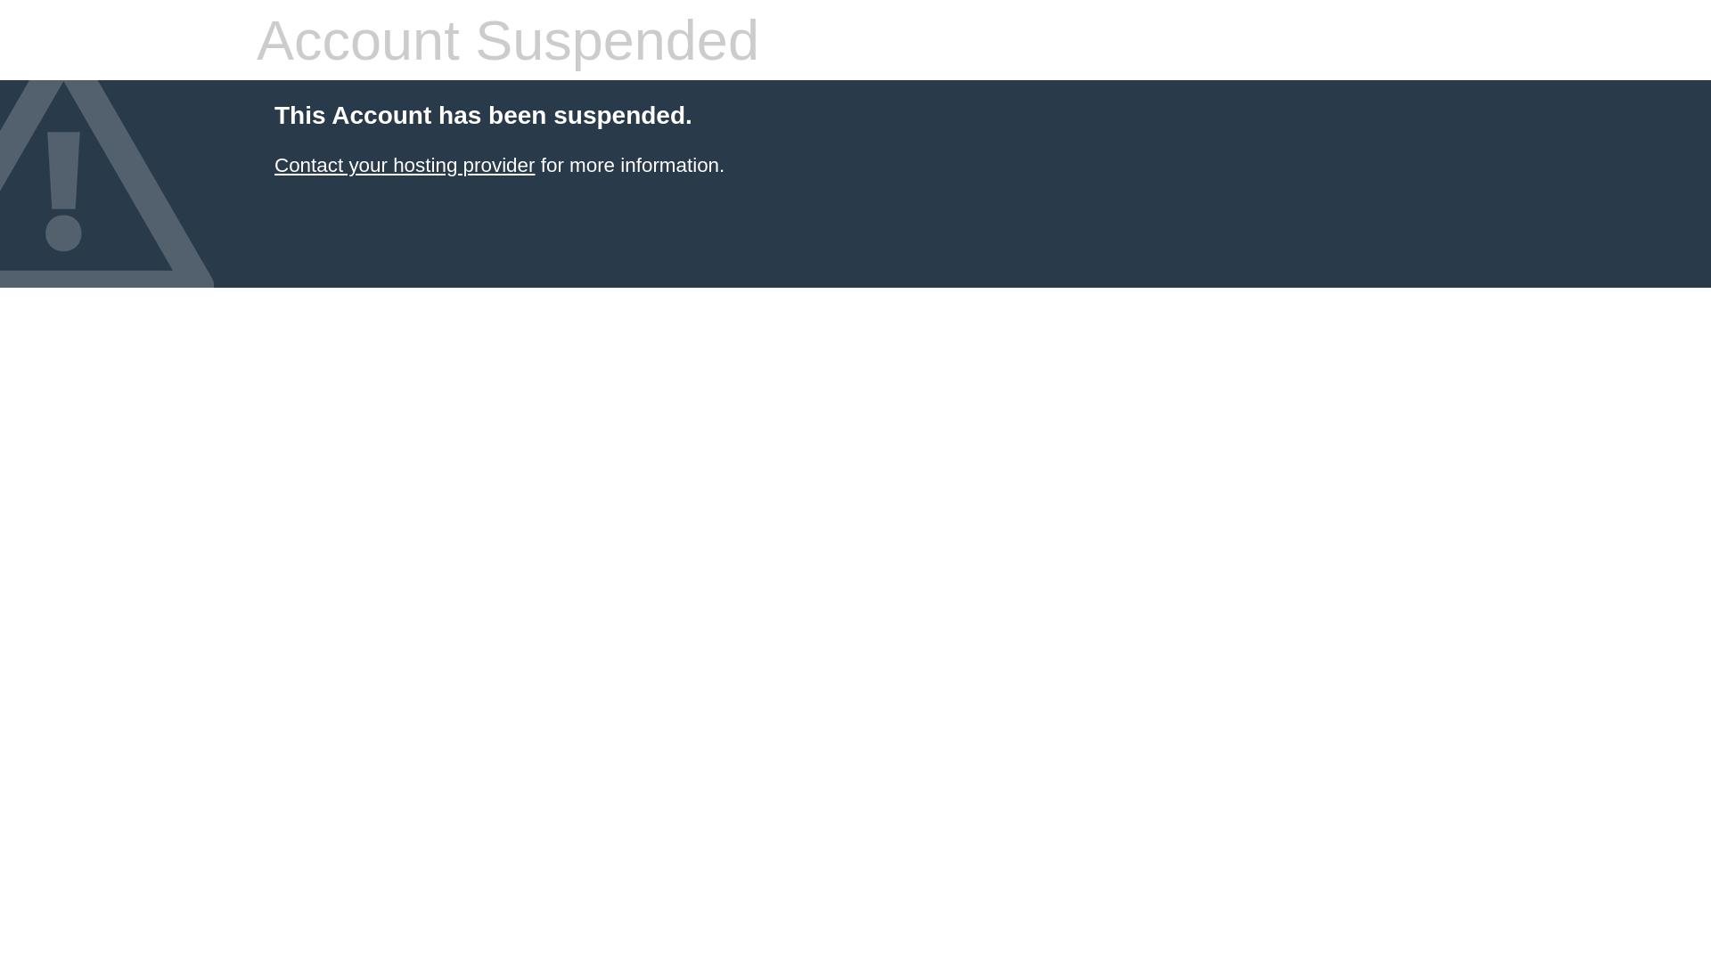 The image size is (1711, 962). Describe the element at coordinates (404, 165) in the screenshot. I see `'Contact your hosting provider'` at that location.